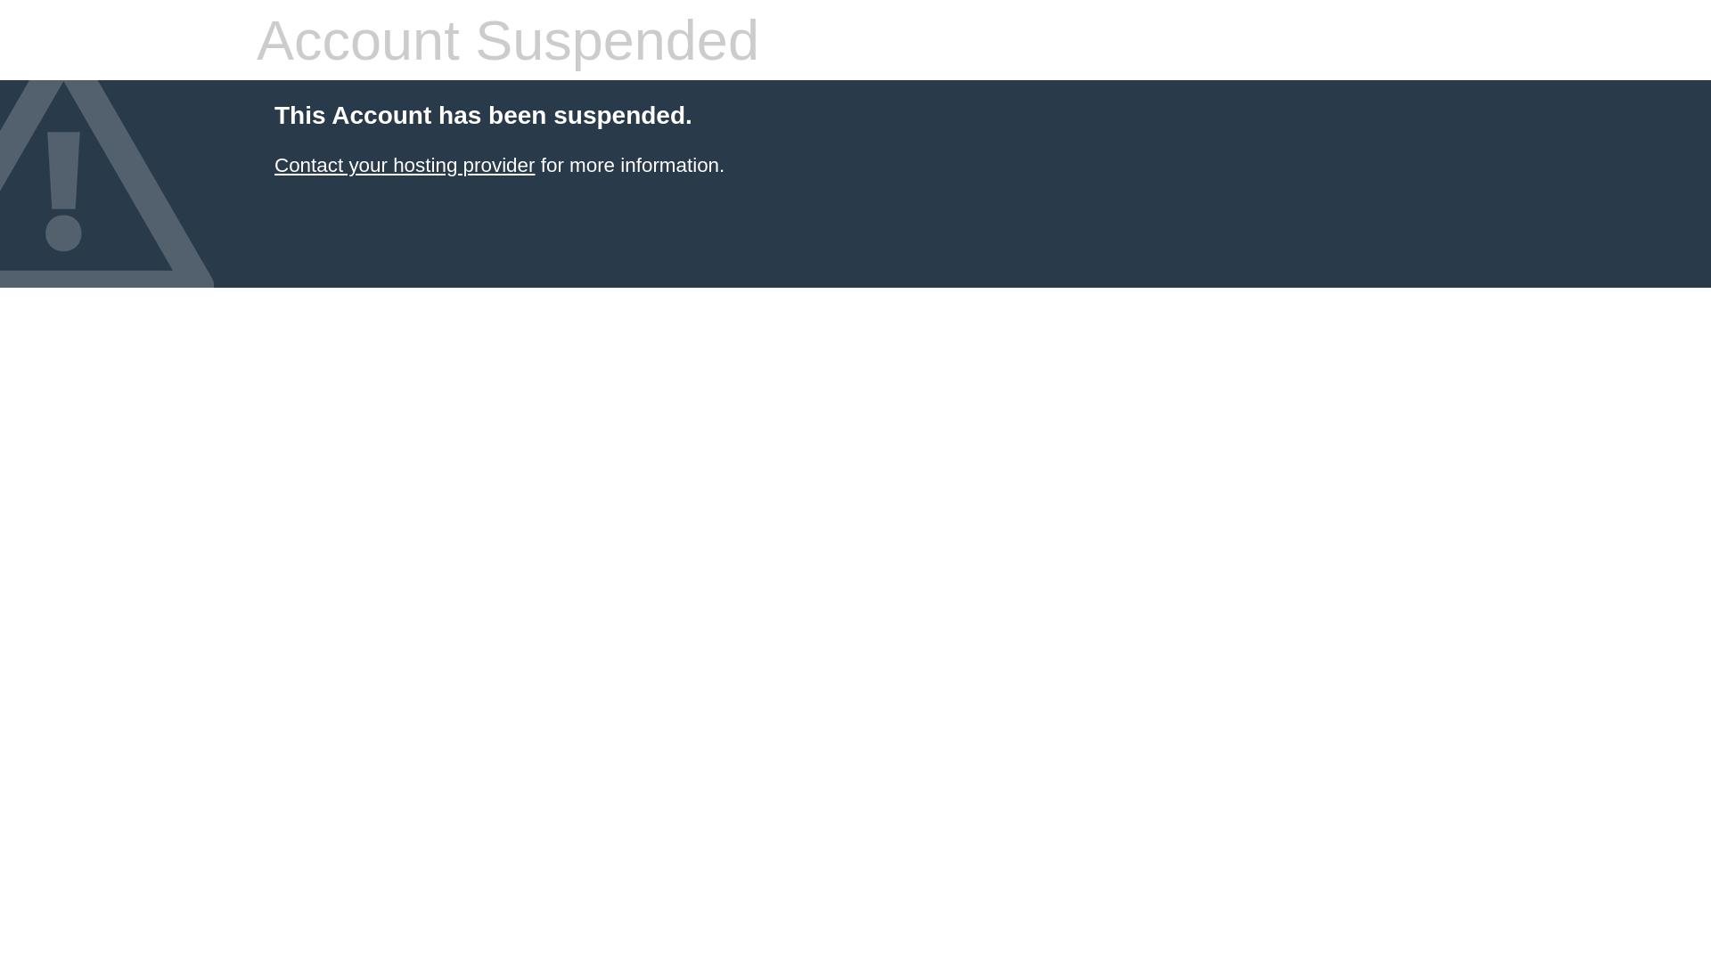 The image size is (1711, 962). Describe the element at coordinates (404, 165) in the screenshot. I see `'Contact your hosting provider'` at that location.